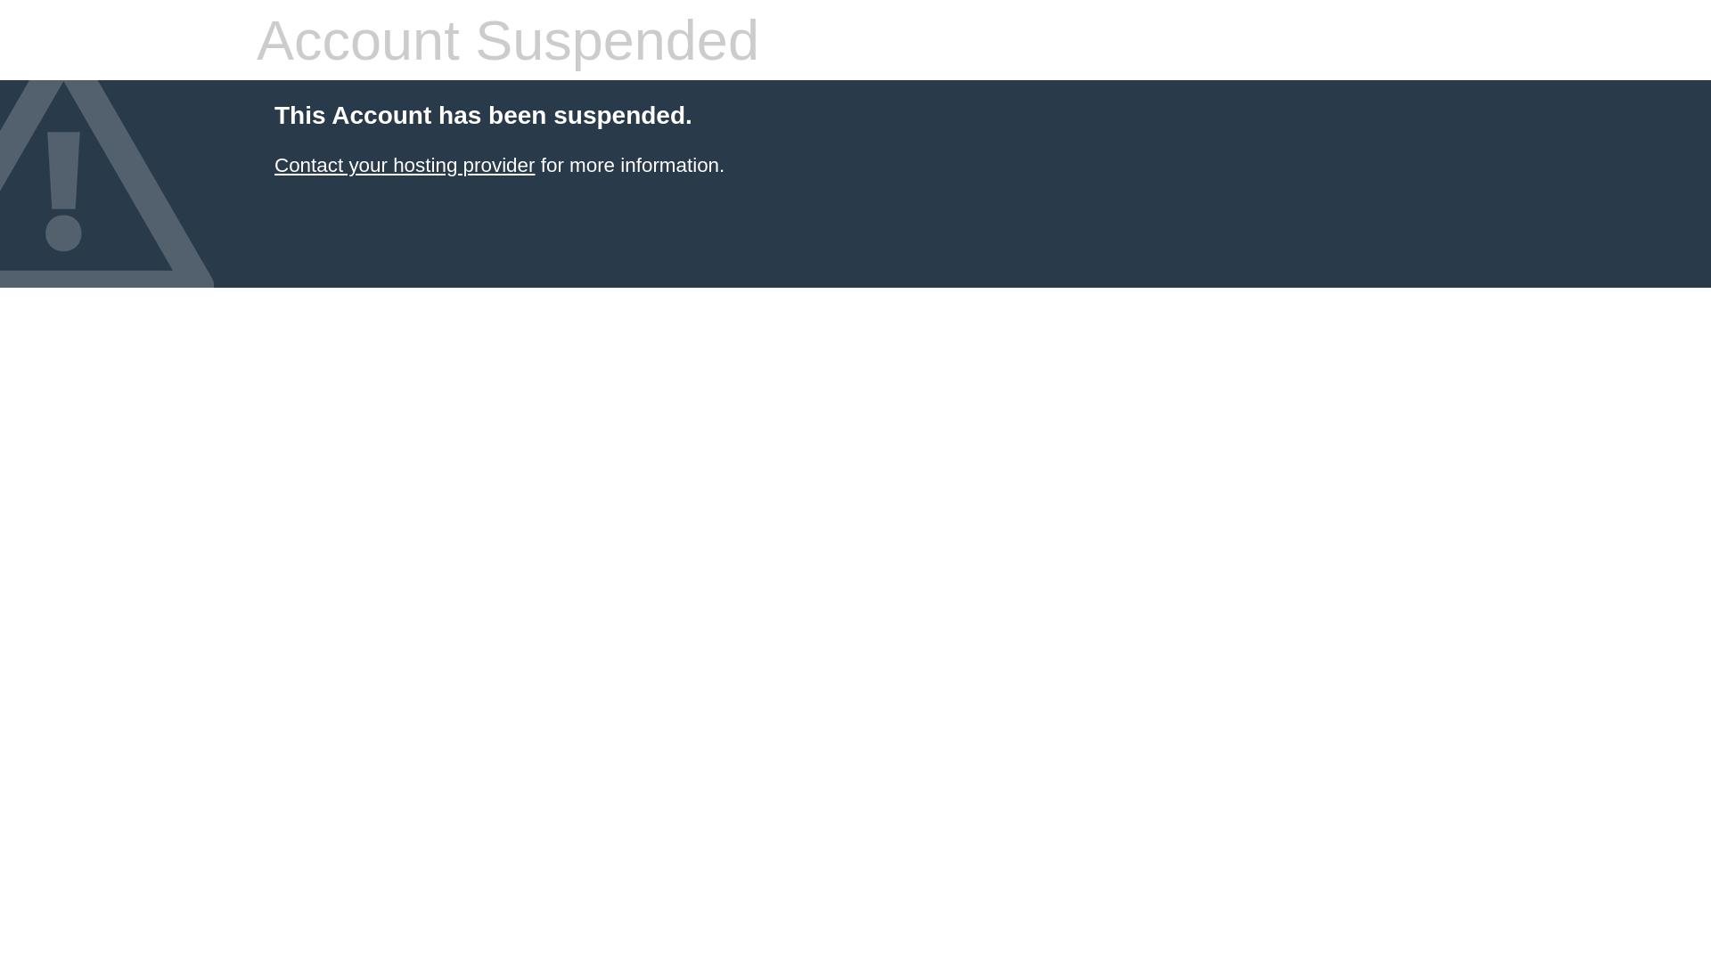 The image size is (1711, 962). Describe the element at coordinates (404, 165) in the screenshot. I see `'Contact your hosting provider'` at that location.